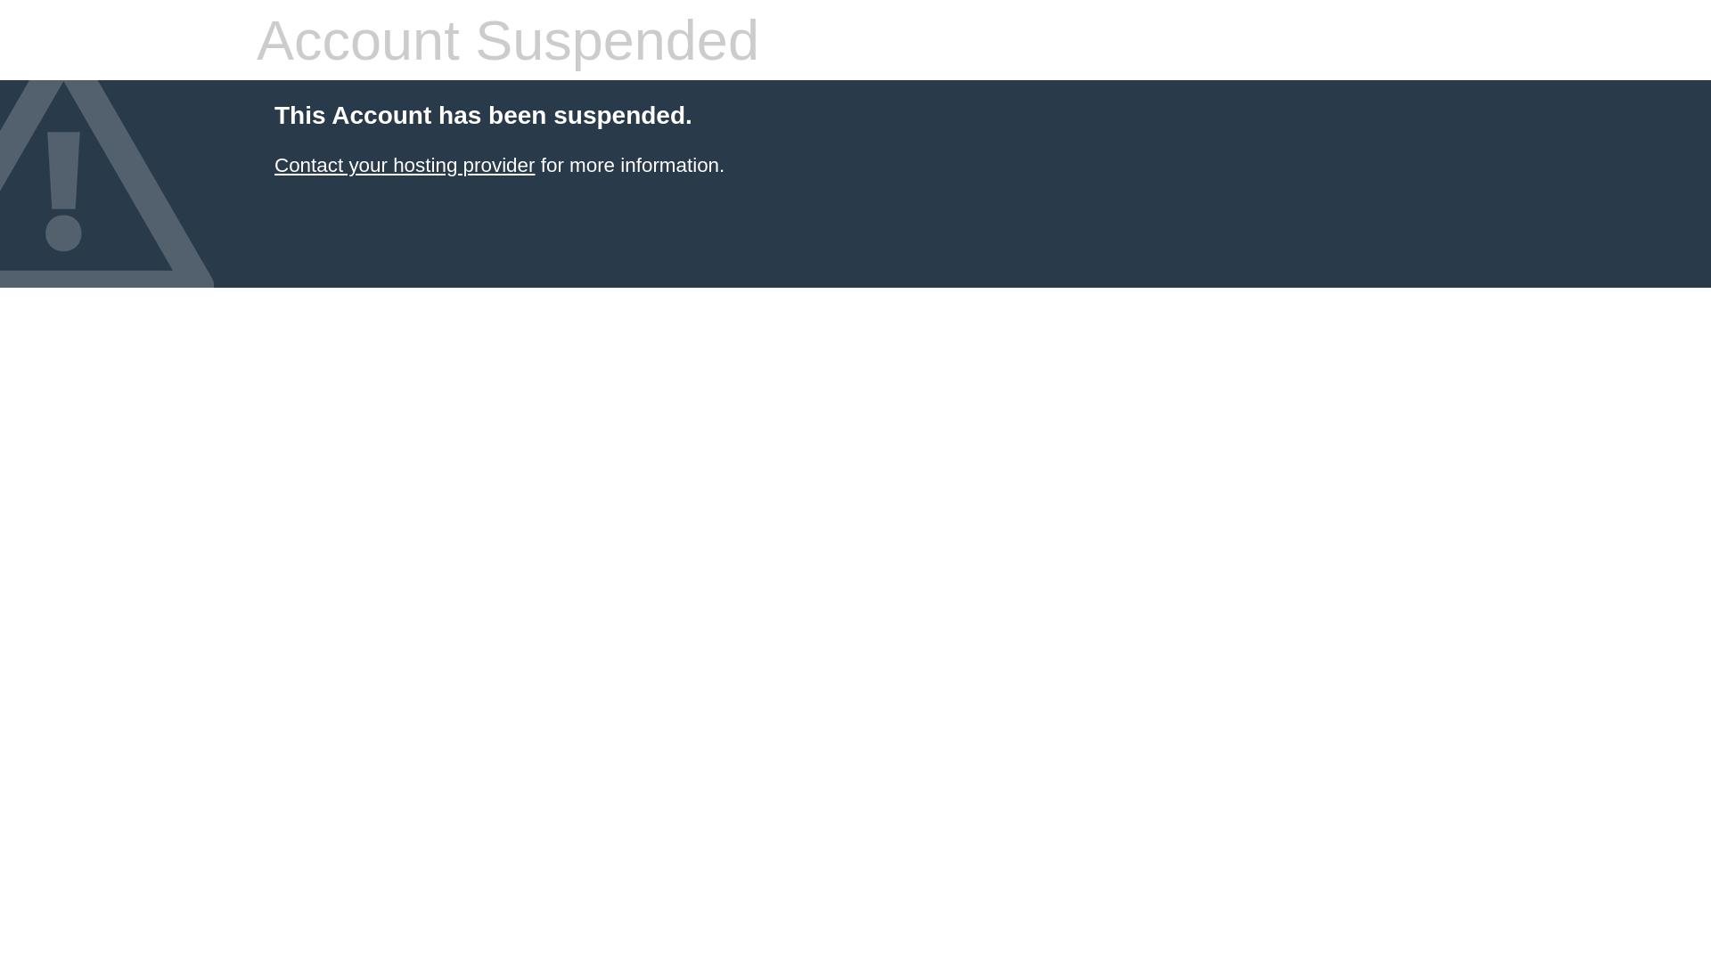 The image size is (1711, 962). Describe the element at coordinates (404, 165) in the screenshot. I see `'Contact your hosting provider'` at that location.